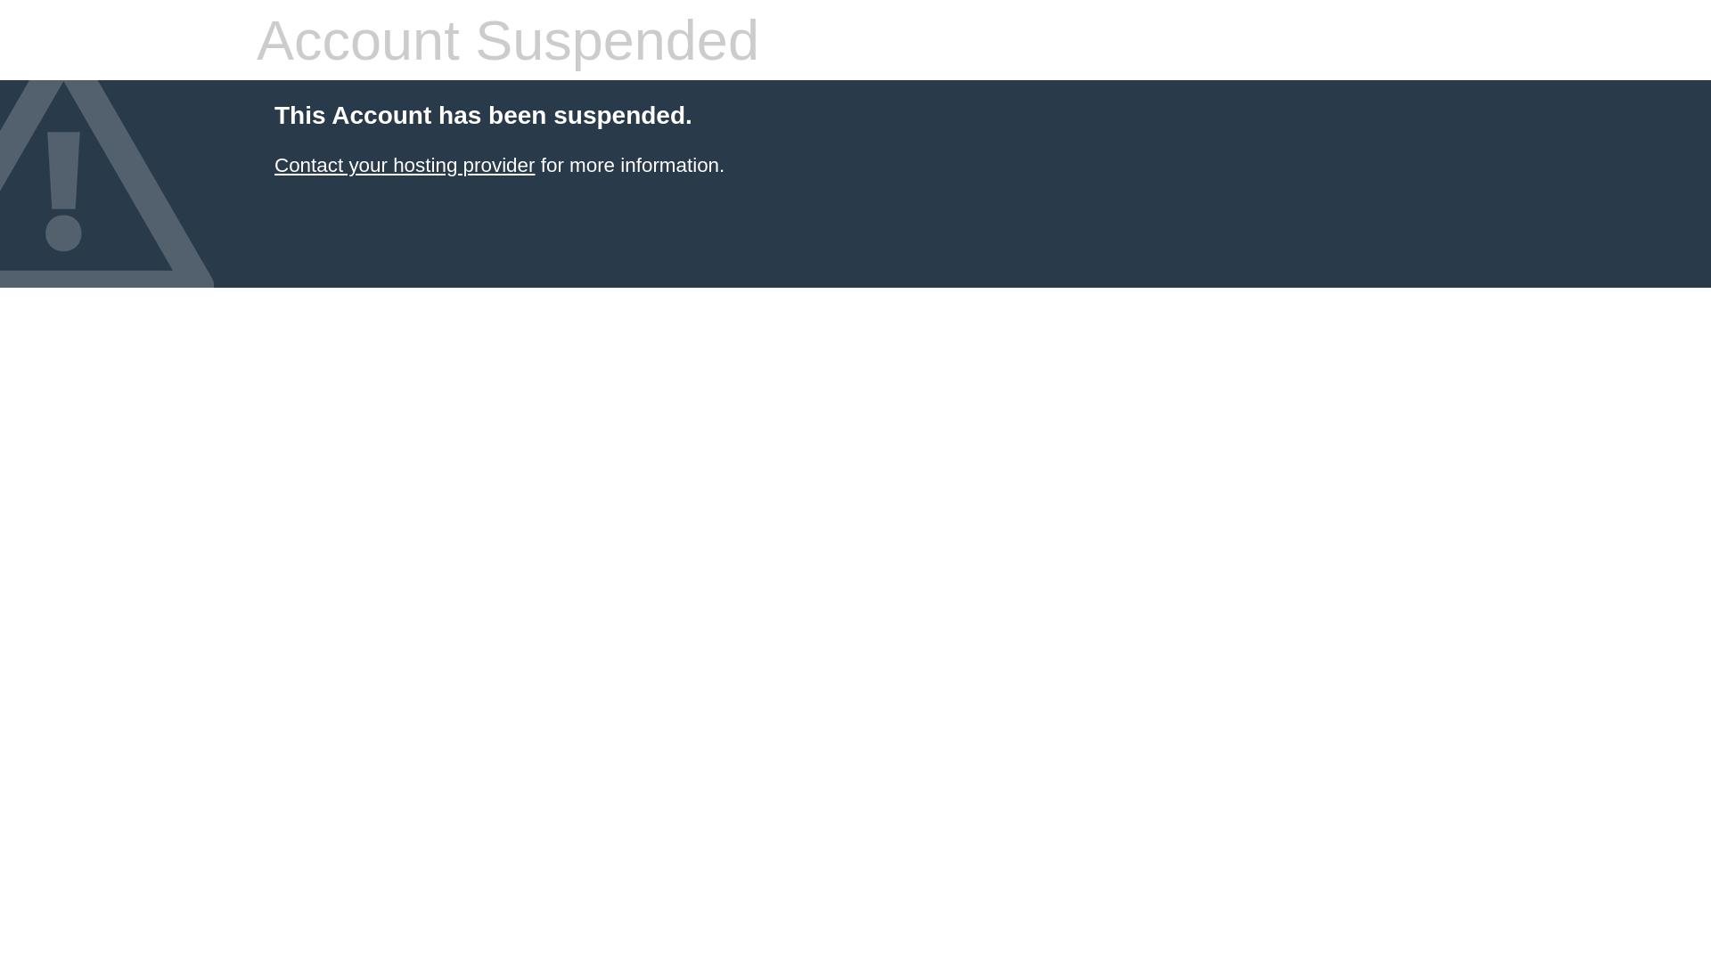 The image size is (1711, 962). Describe the element at coordinates (404, 165) in the screenshot. I see `'Contact your hosting provider'` at that location.